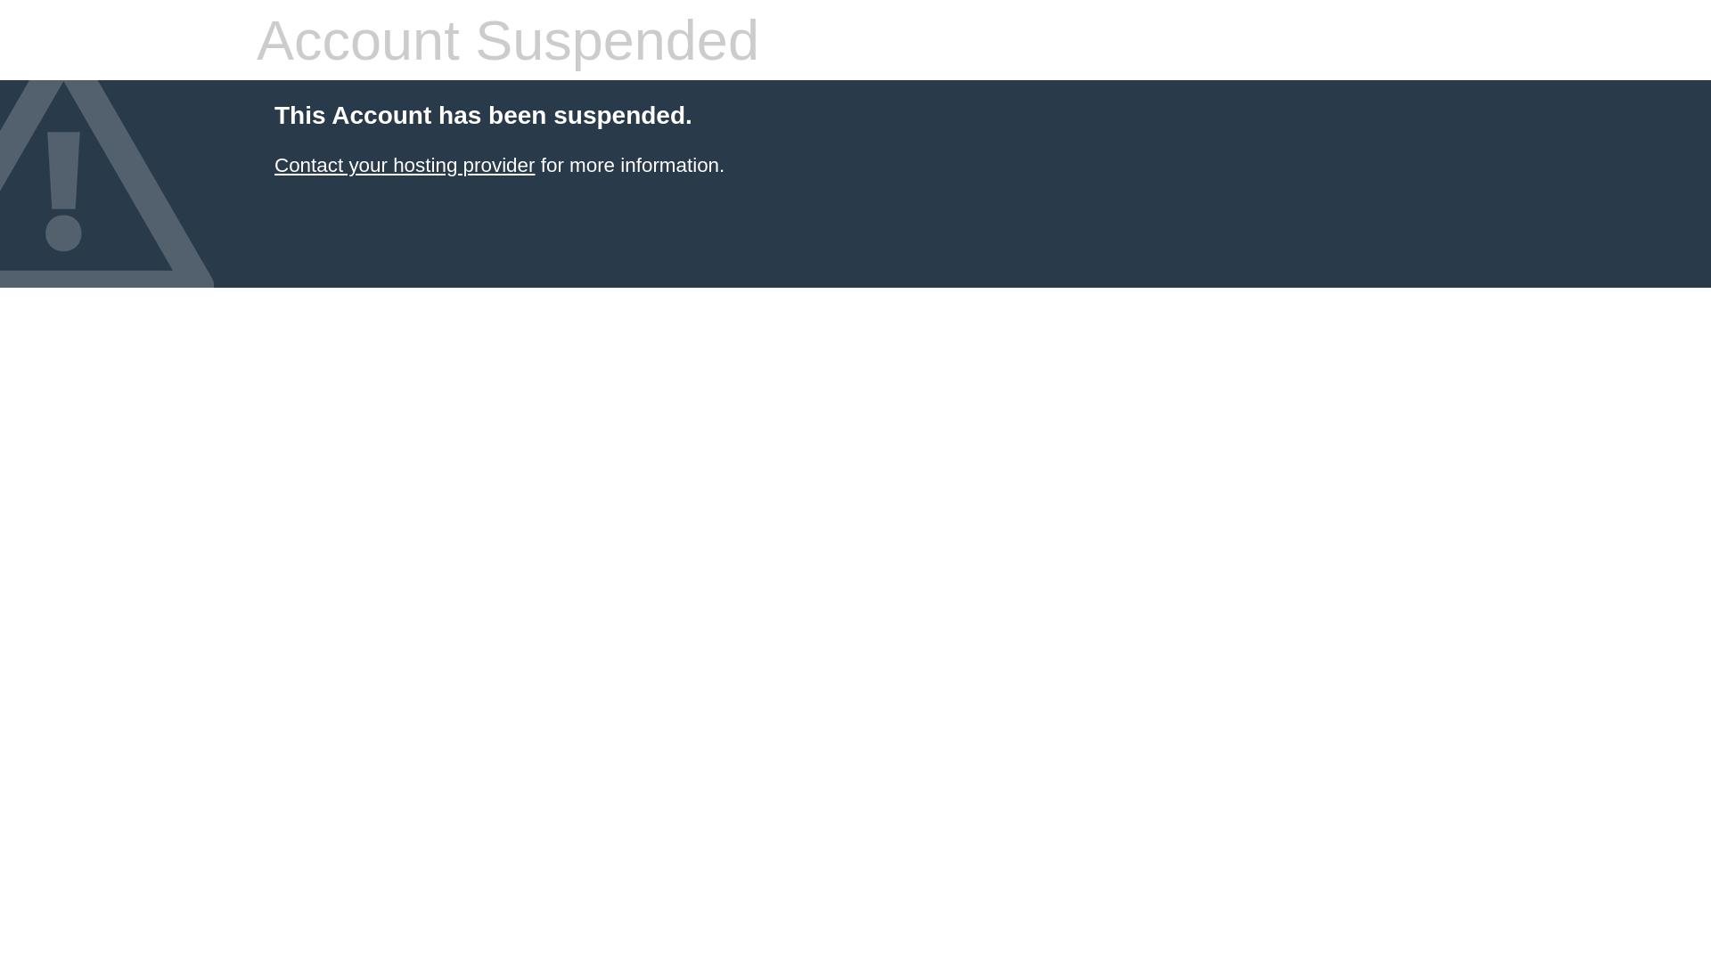 The image size is (1711, 962). Describe the element at coordinates (404, 165) in the screenshot. I see `'Contact your hosting provider'` at that location.